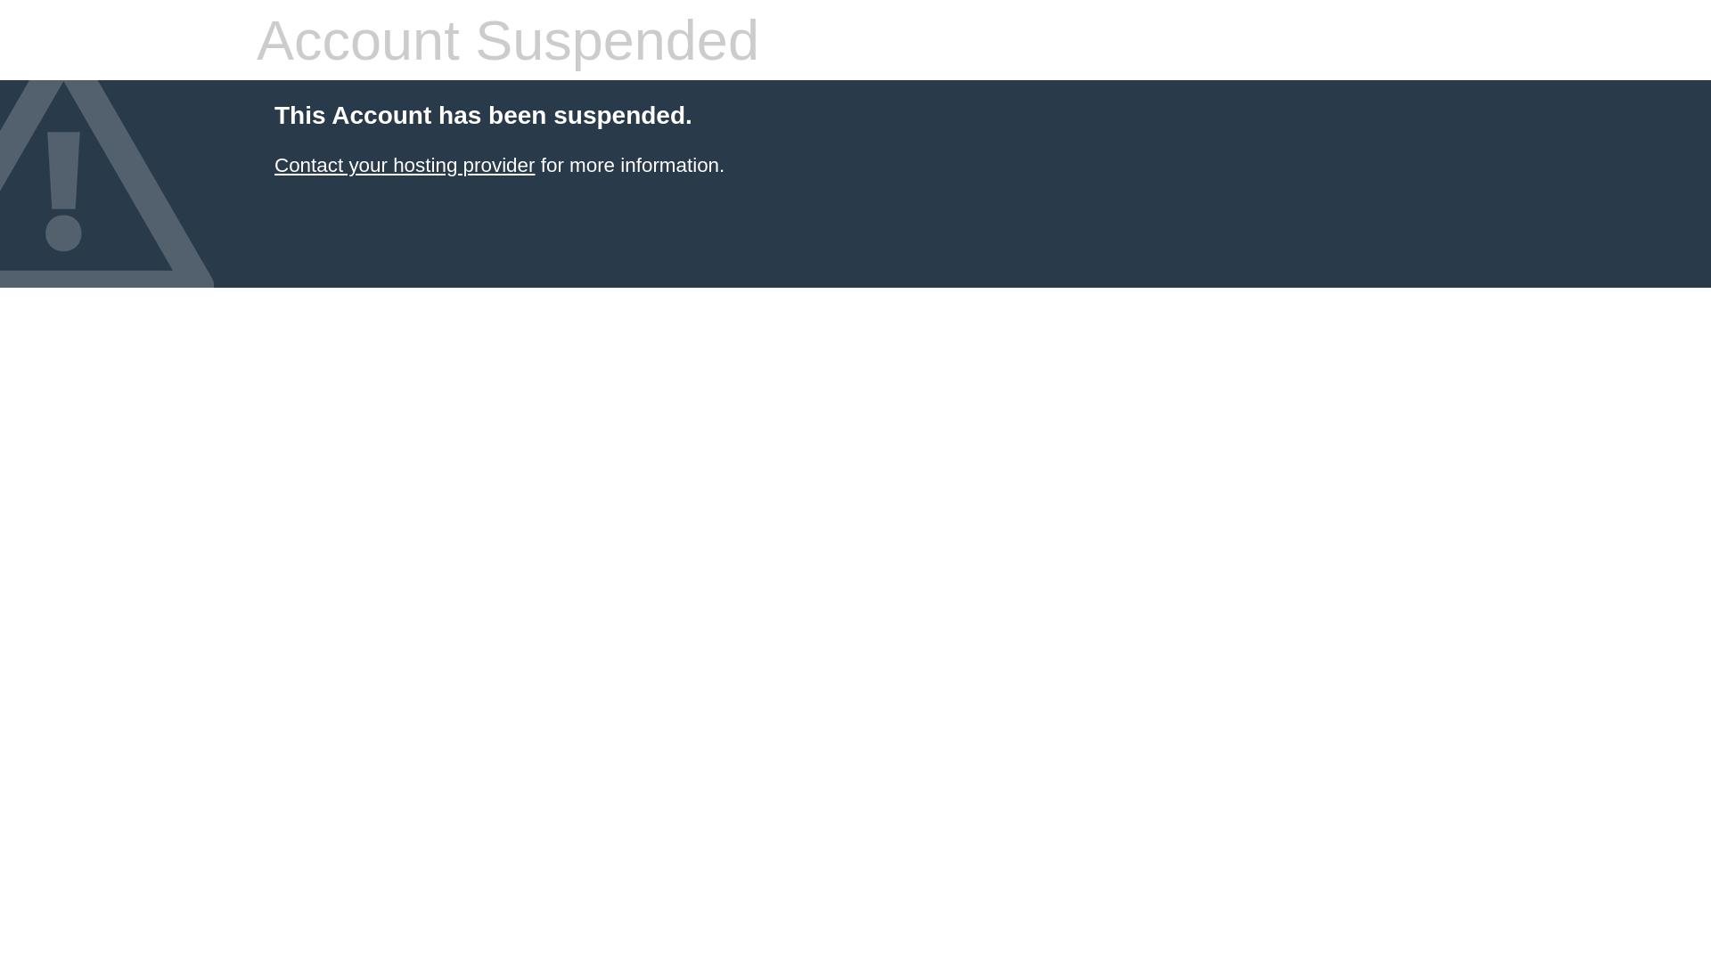 The image size is (1711, 962). Describe the element at coordinates (404, 165) in the screenshot. I see `'Contact your hosting provider'` at that location.